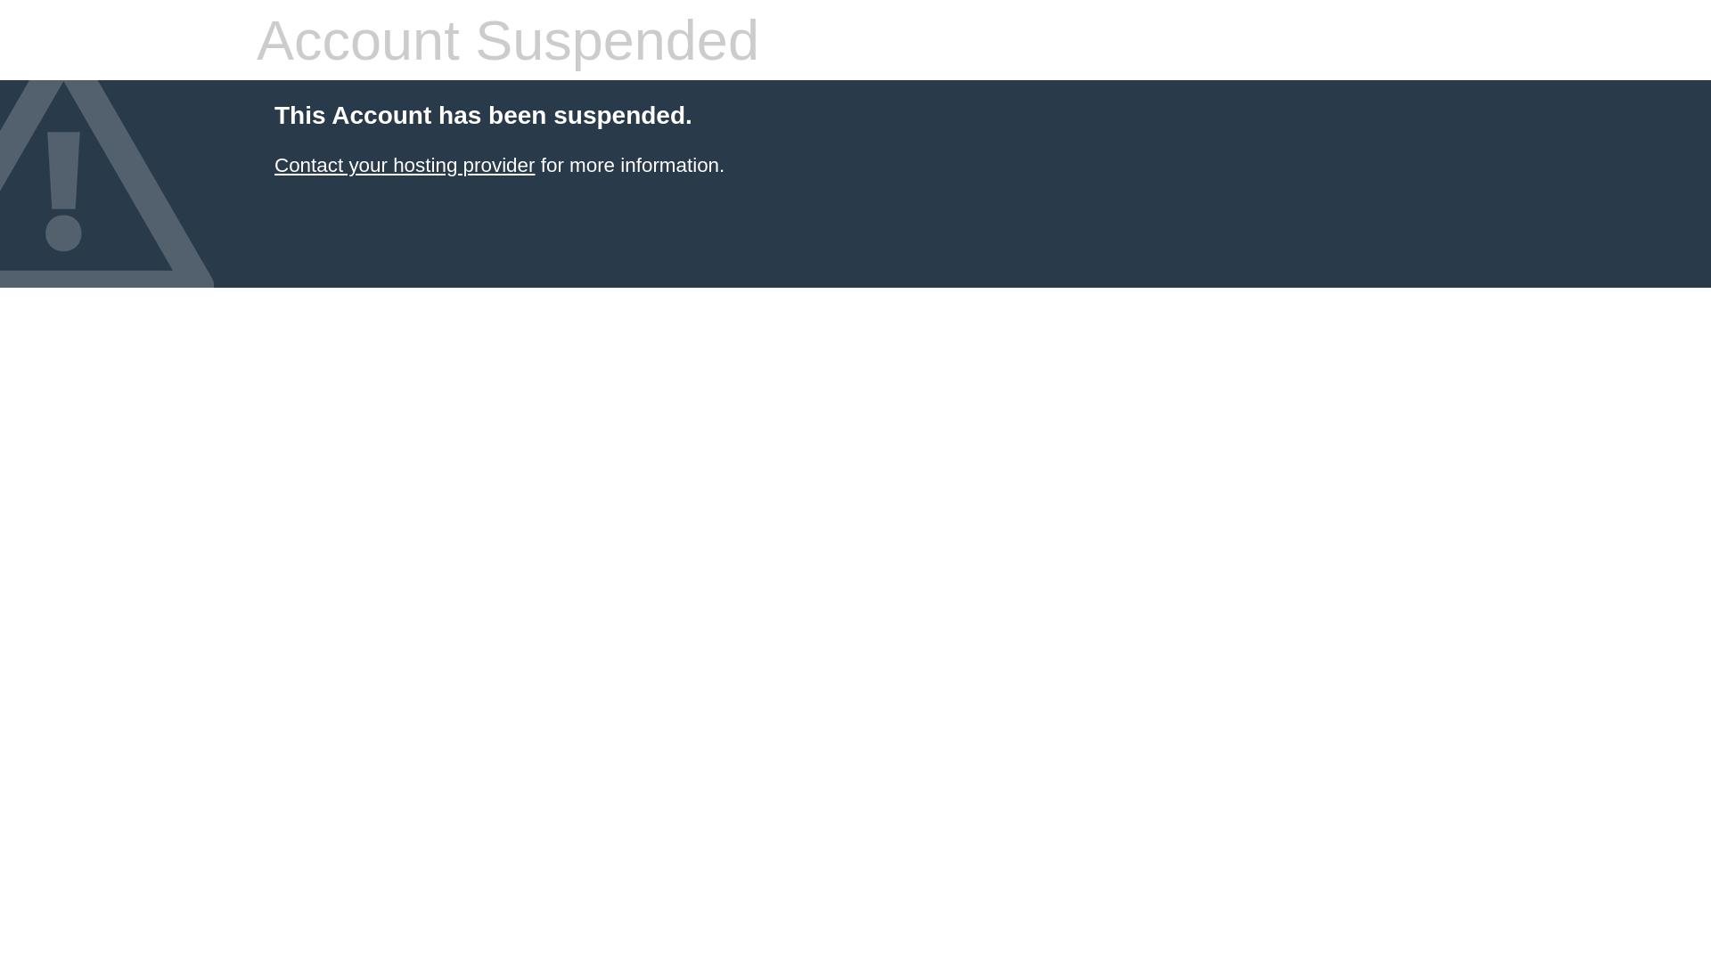 The image size is (1711, 962). Describe the element at coordinates (404, 165) in the screenshot. I see `'Contact your hosting provider'` at that location.